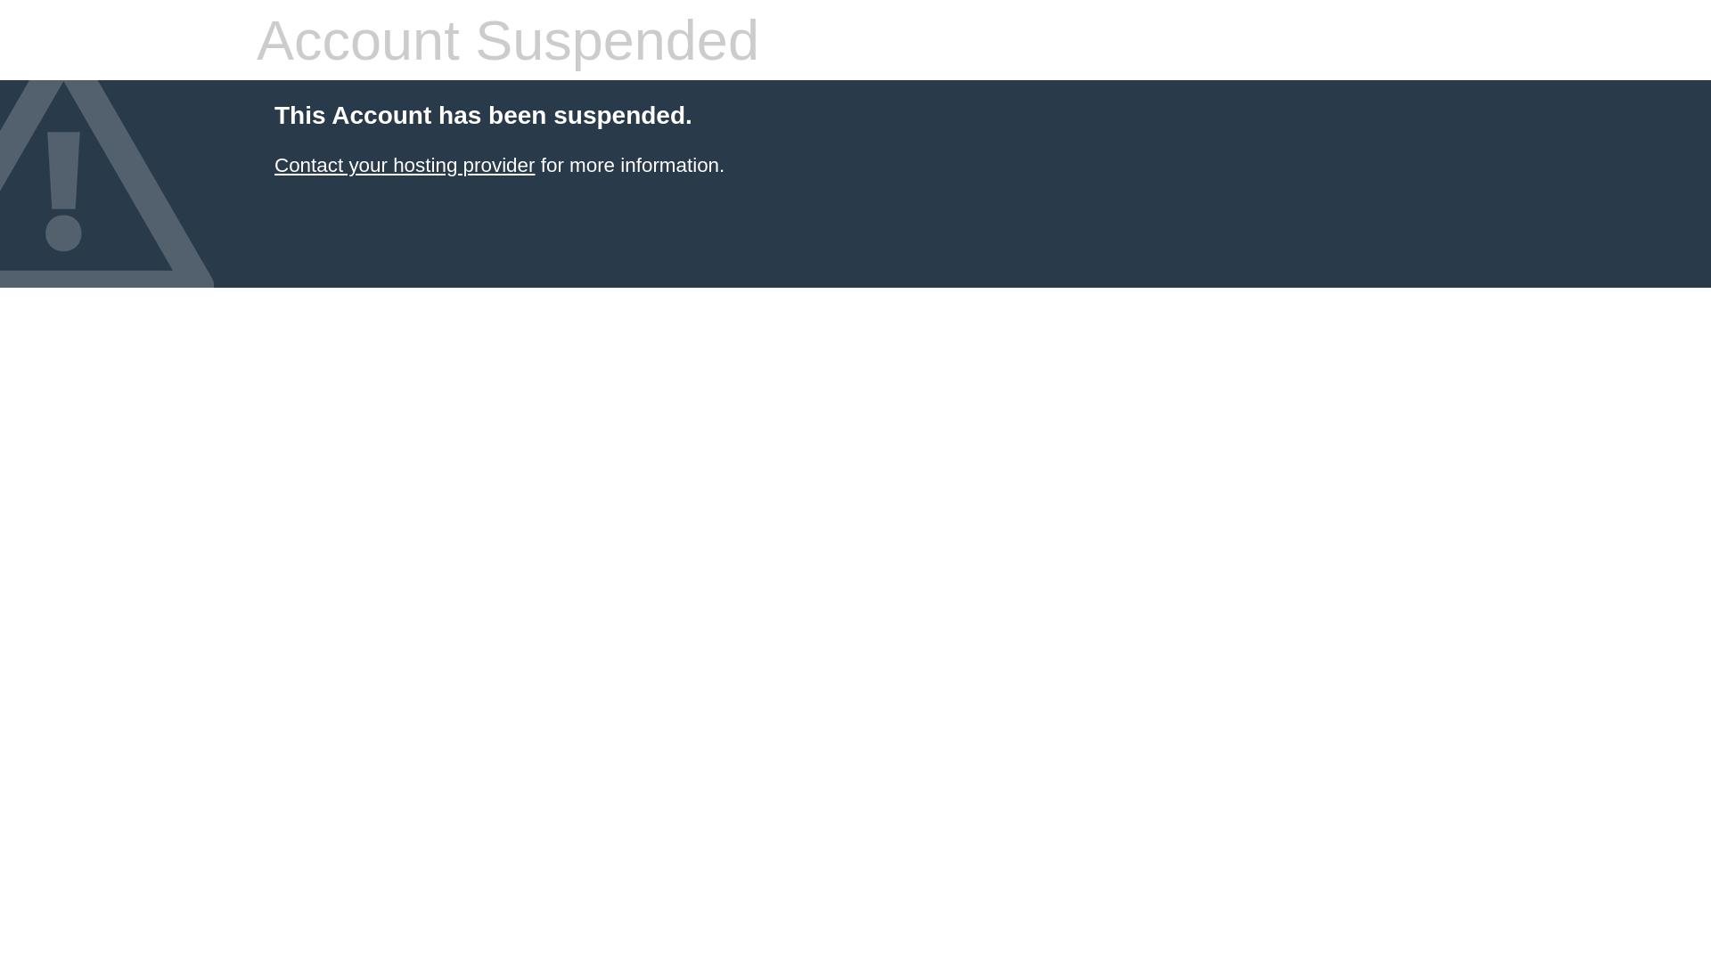 The image size is (1711, 962). Describe the element at coordinates (404, 165) in the screenshot. I see `'Contact your hosting provider'` at that location.